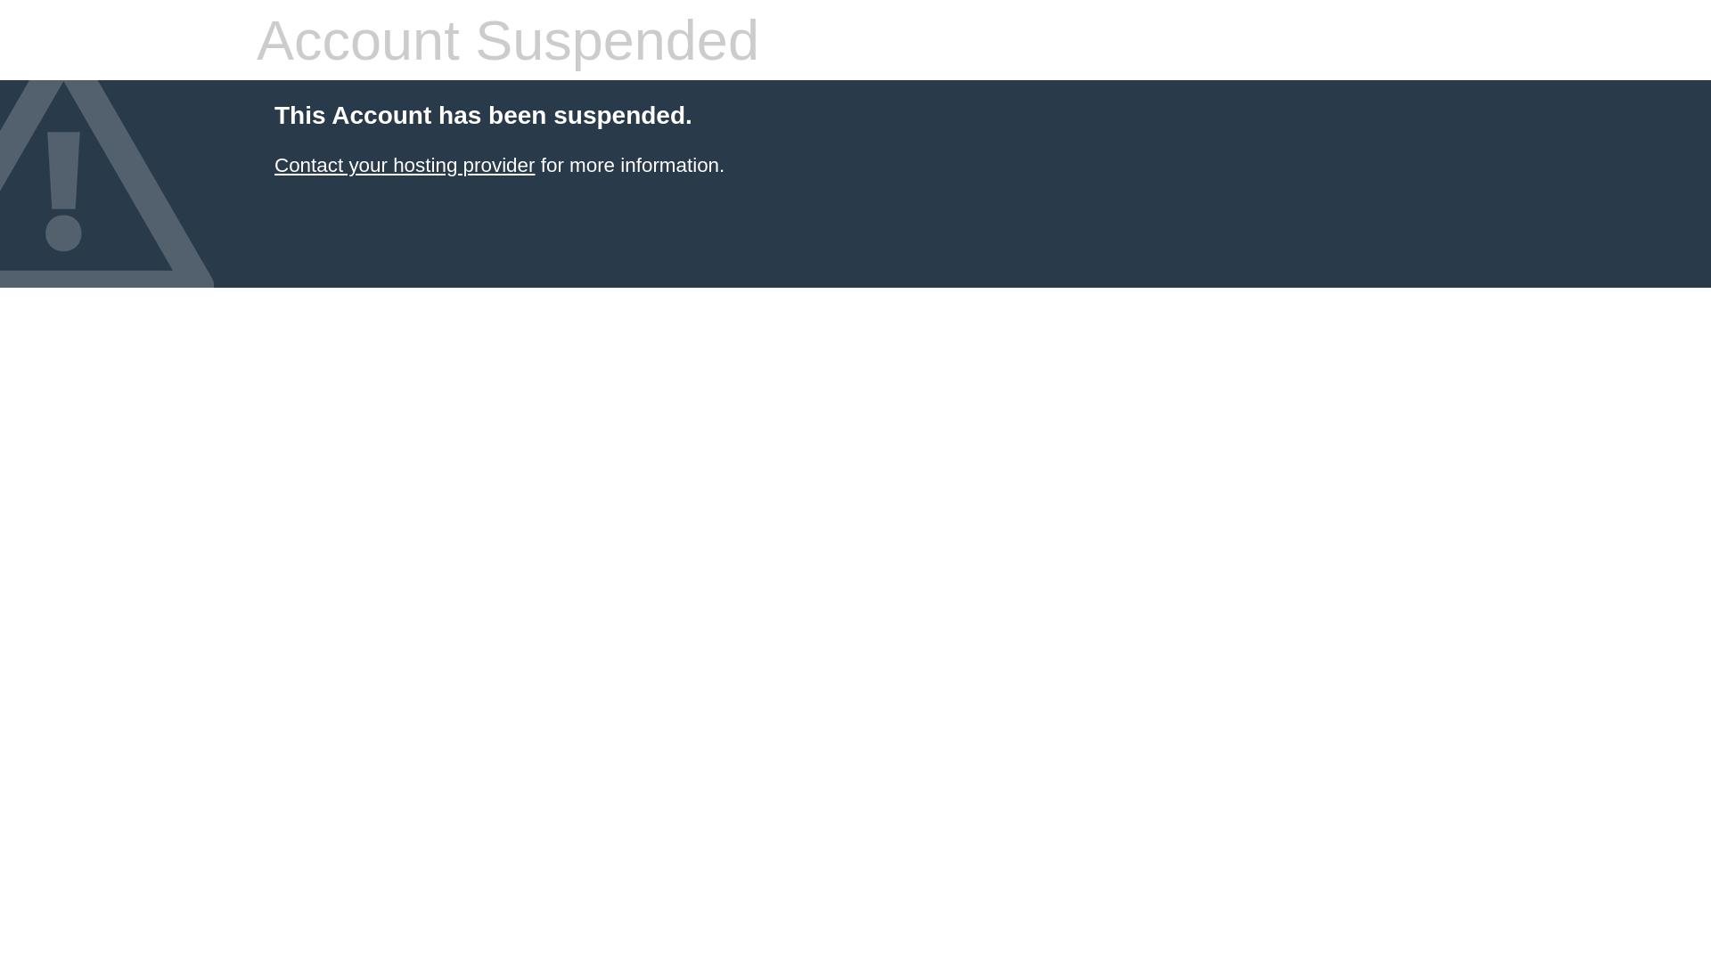 The image size is (1711, 962). Describe the element at coordinates (404, 165) in the screenshot. I see `'Contact your hosting provider'` at that location.